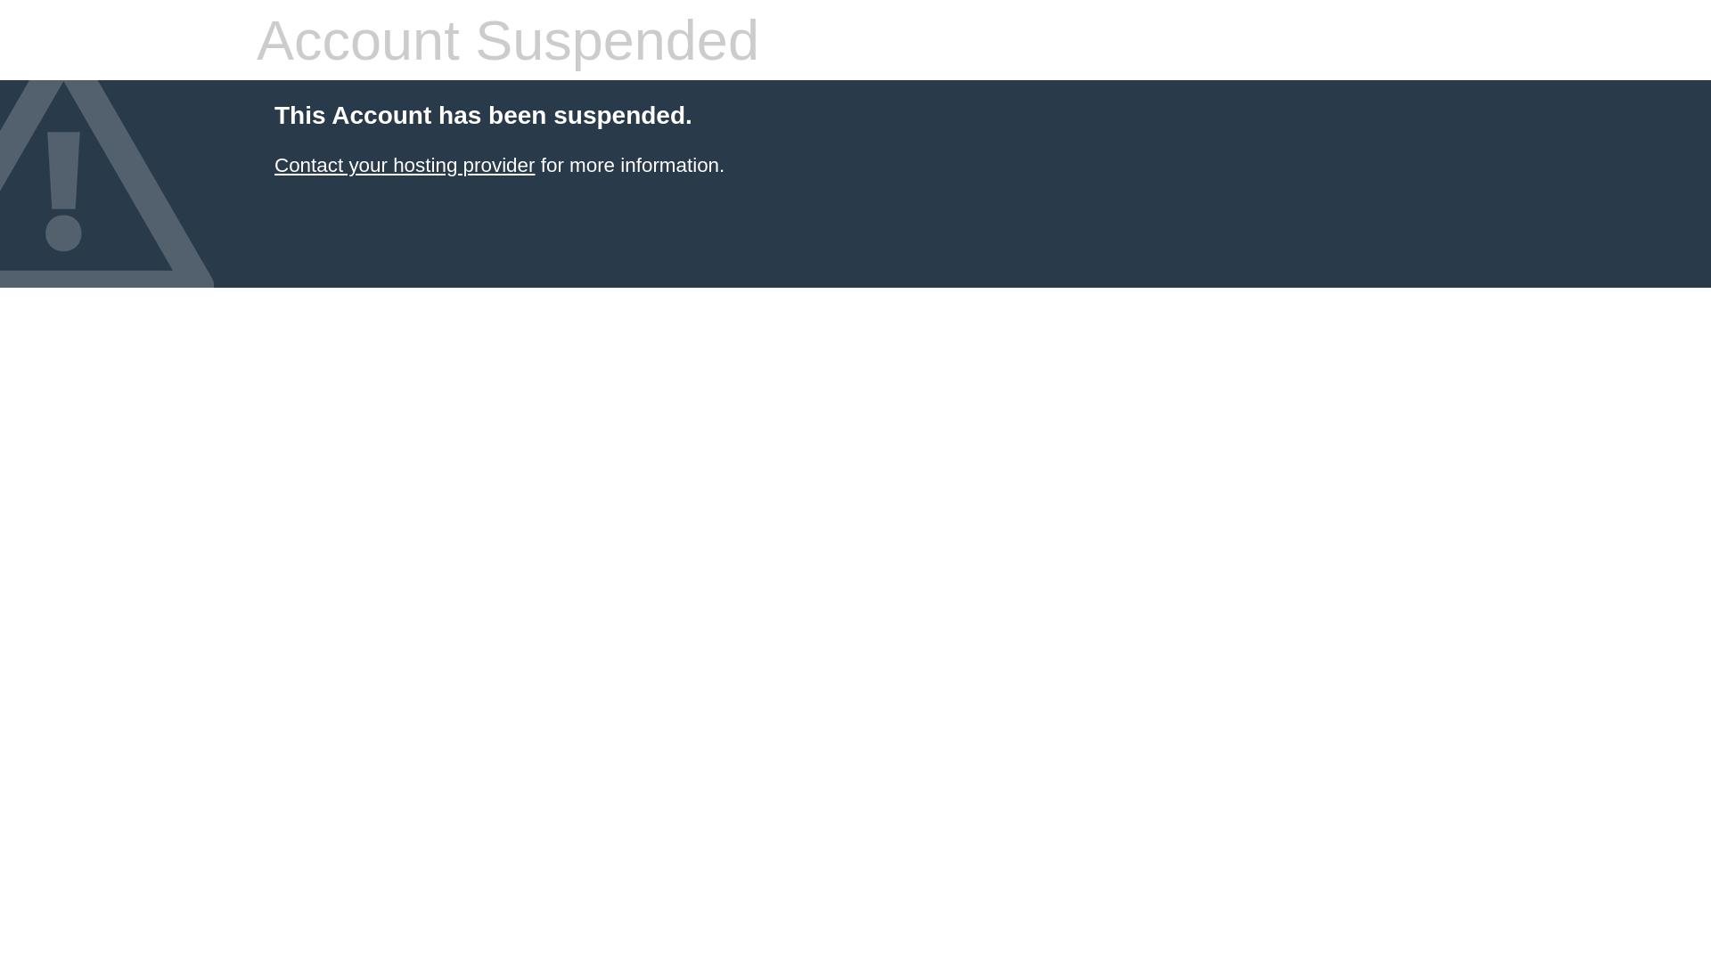 The image size is (1711, 962). Describe the element at coordinates (404, 165) in the screenshot. I see `'Contact your hosting provider'` at that location.